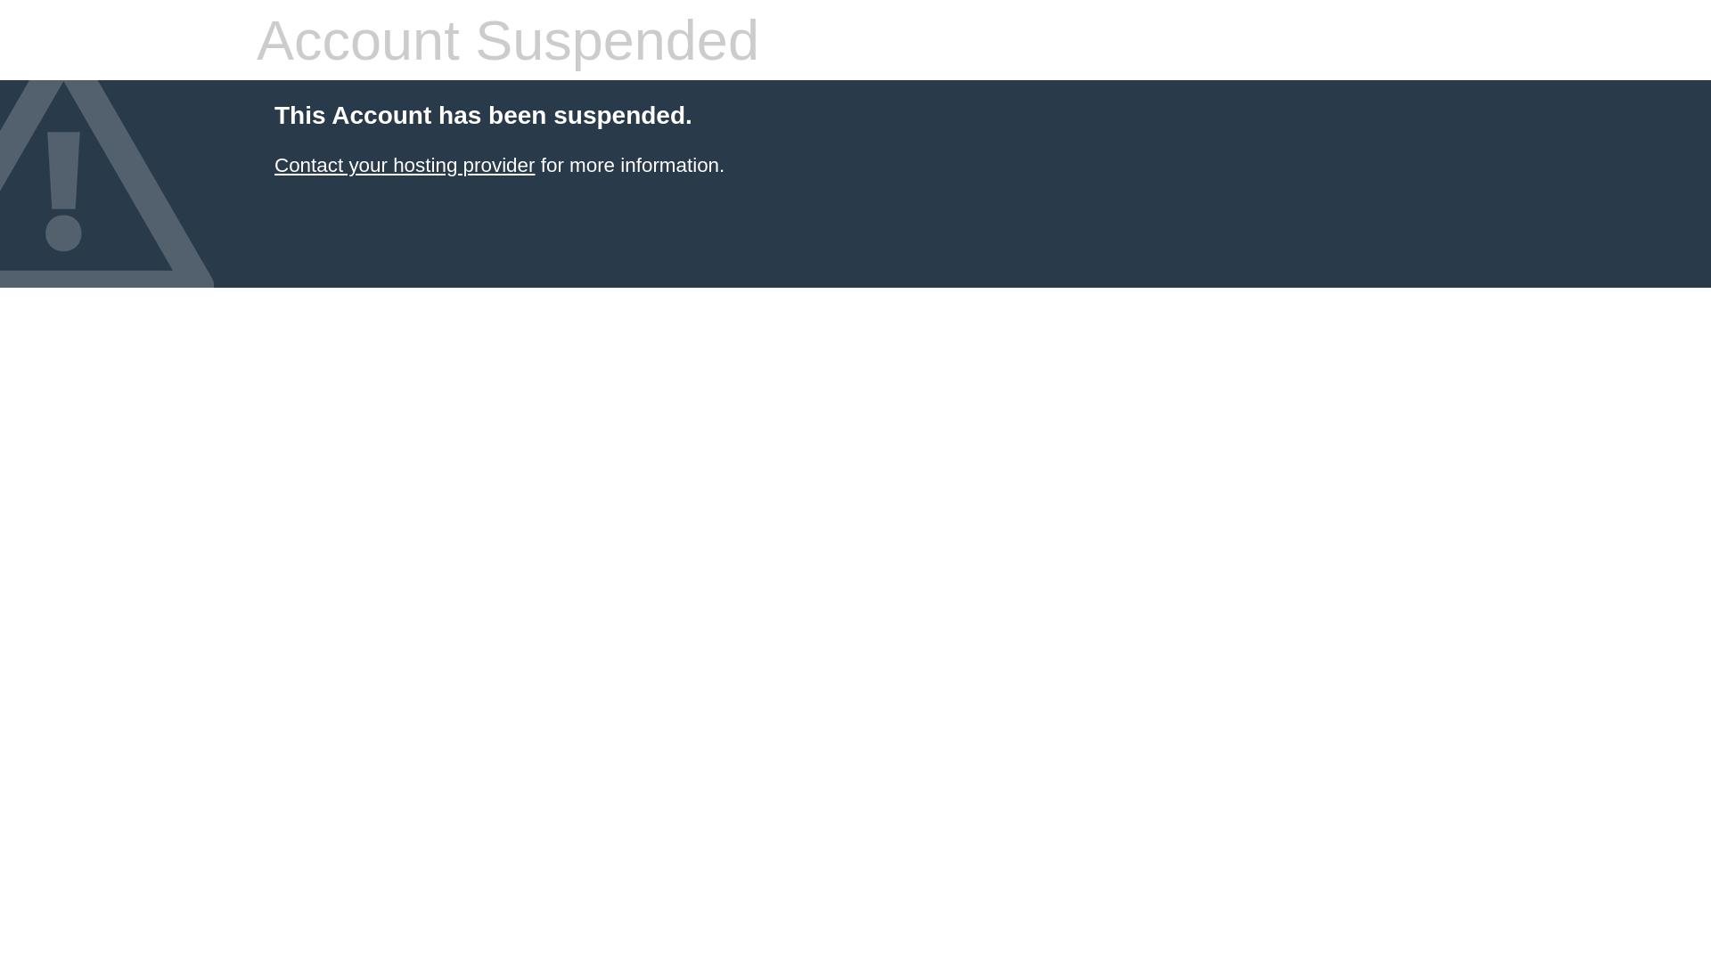 The image size is (1711, 962). Describe the element at coordinates (404, 165) in the screenshot. I see `'Contact your hosting provider'` at that location.